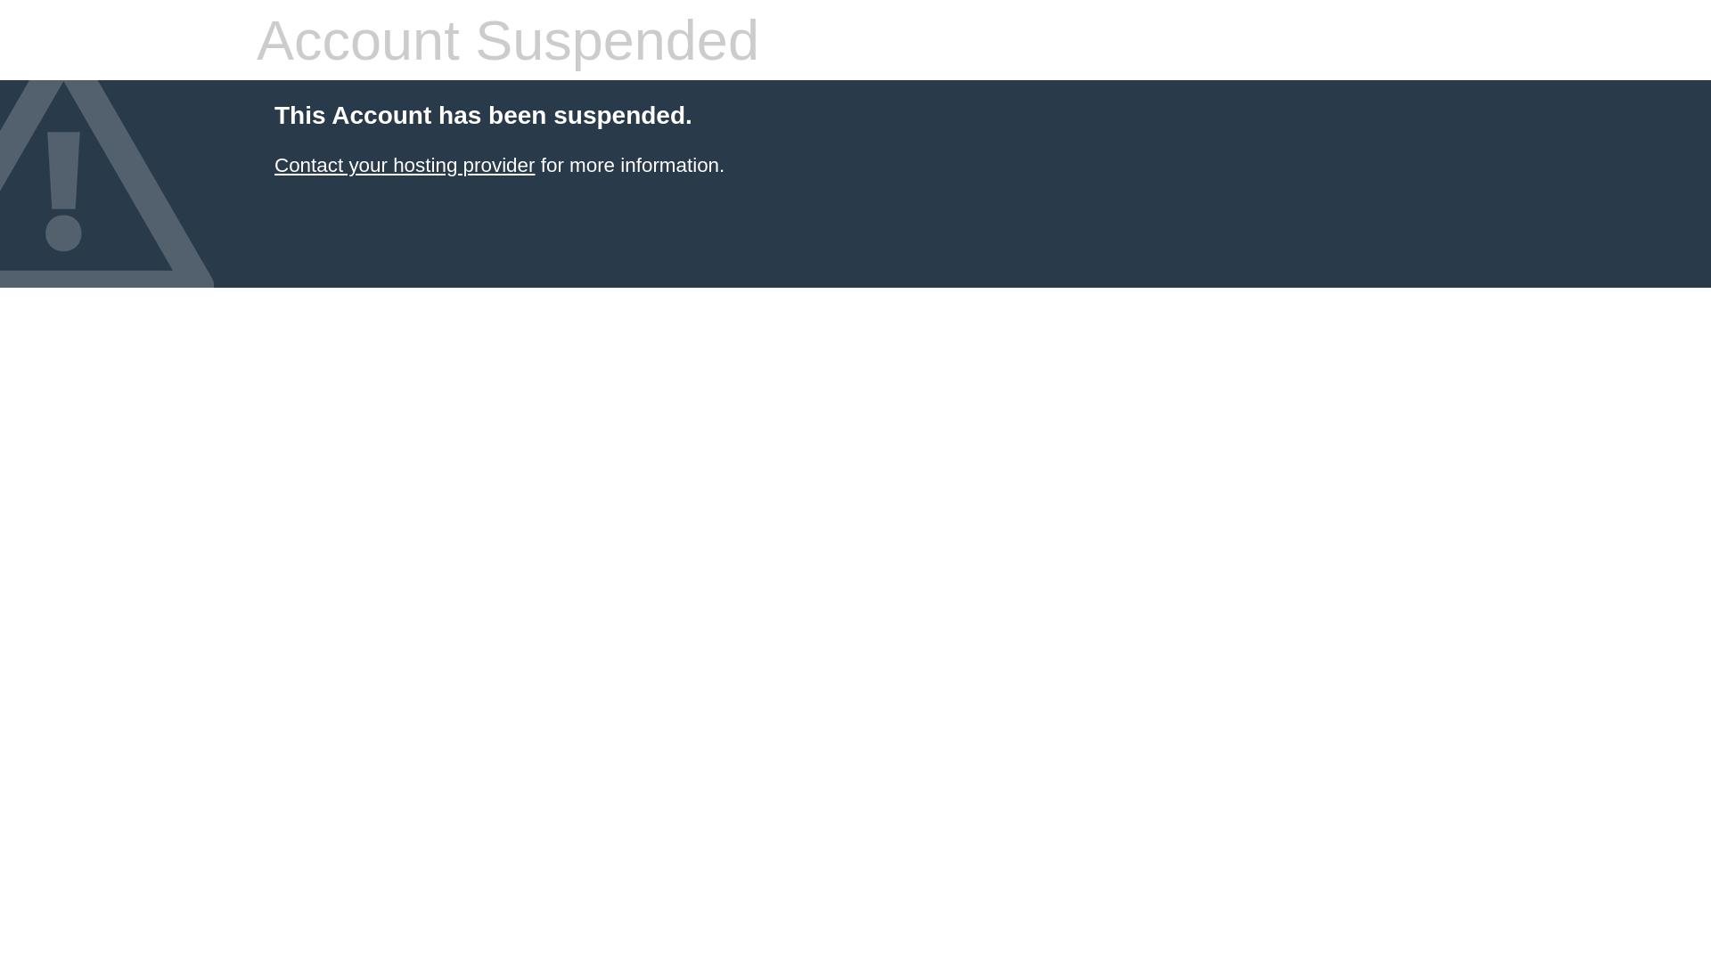 The image size is (1711, 962). Describe the element at coordinates (404, 165) in the screenshot. I see `'Contact your hosting provider'` at that location.